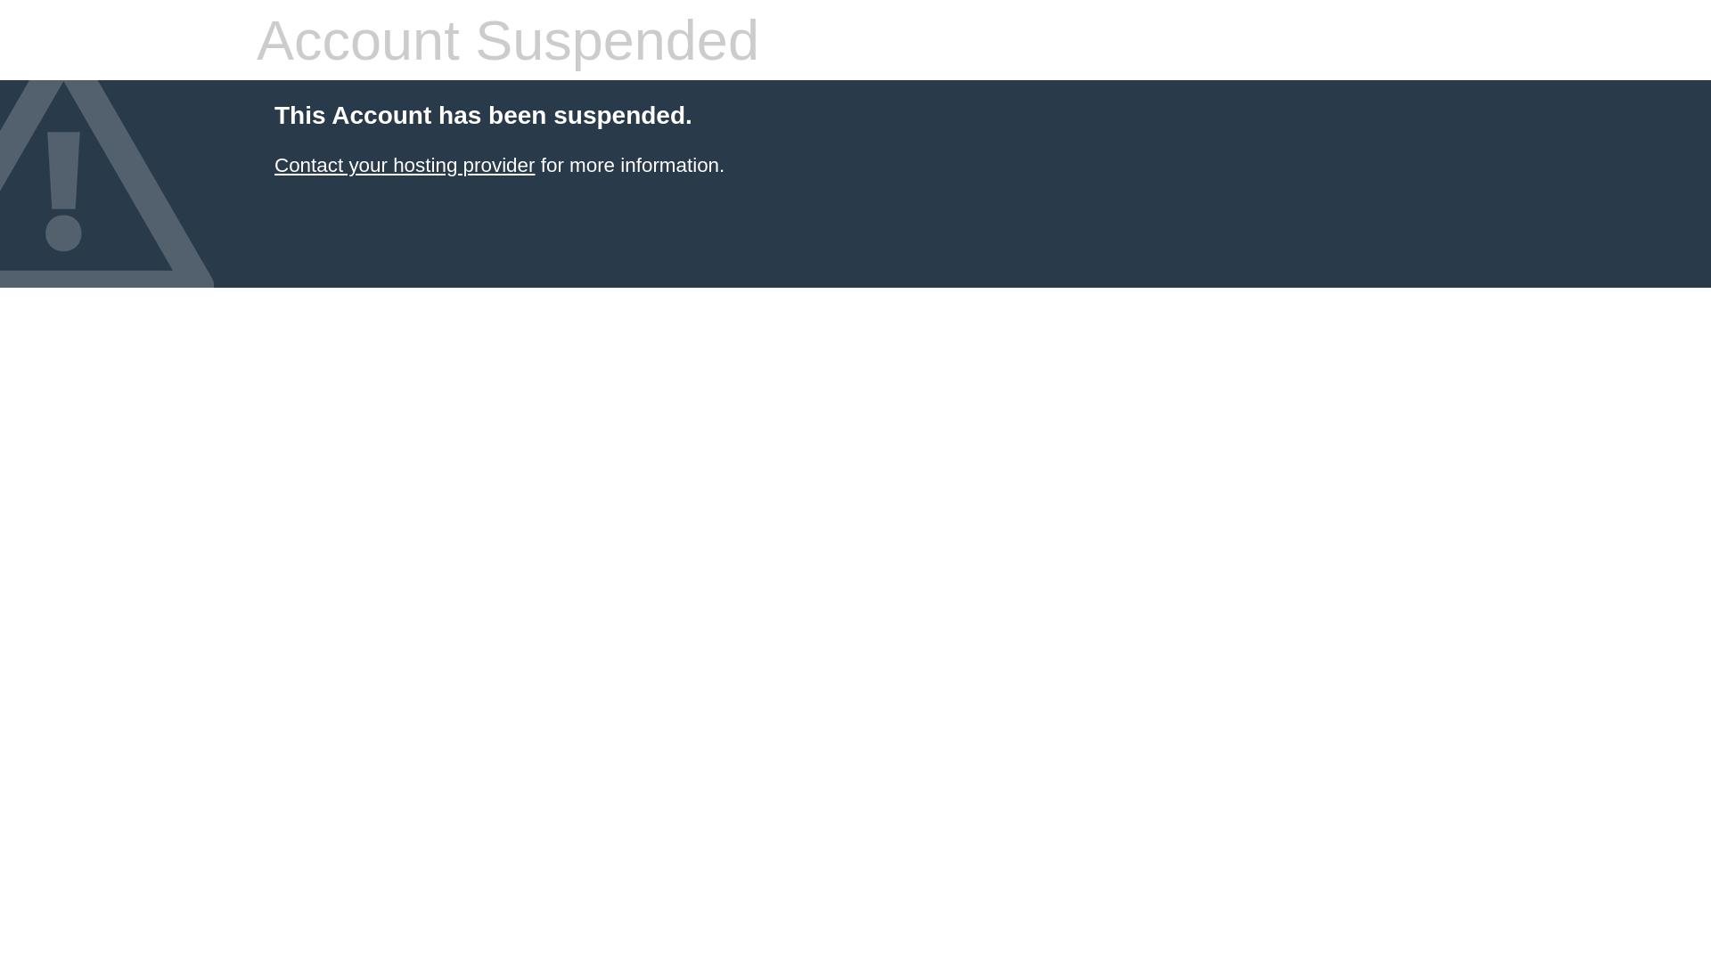 The image size is (1711, 962). Describe the element at coordinates (404, 165) in the screenshot. I see `'Contact your hosting provider'` at that location.